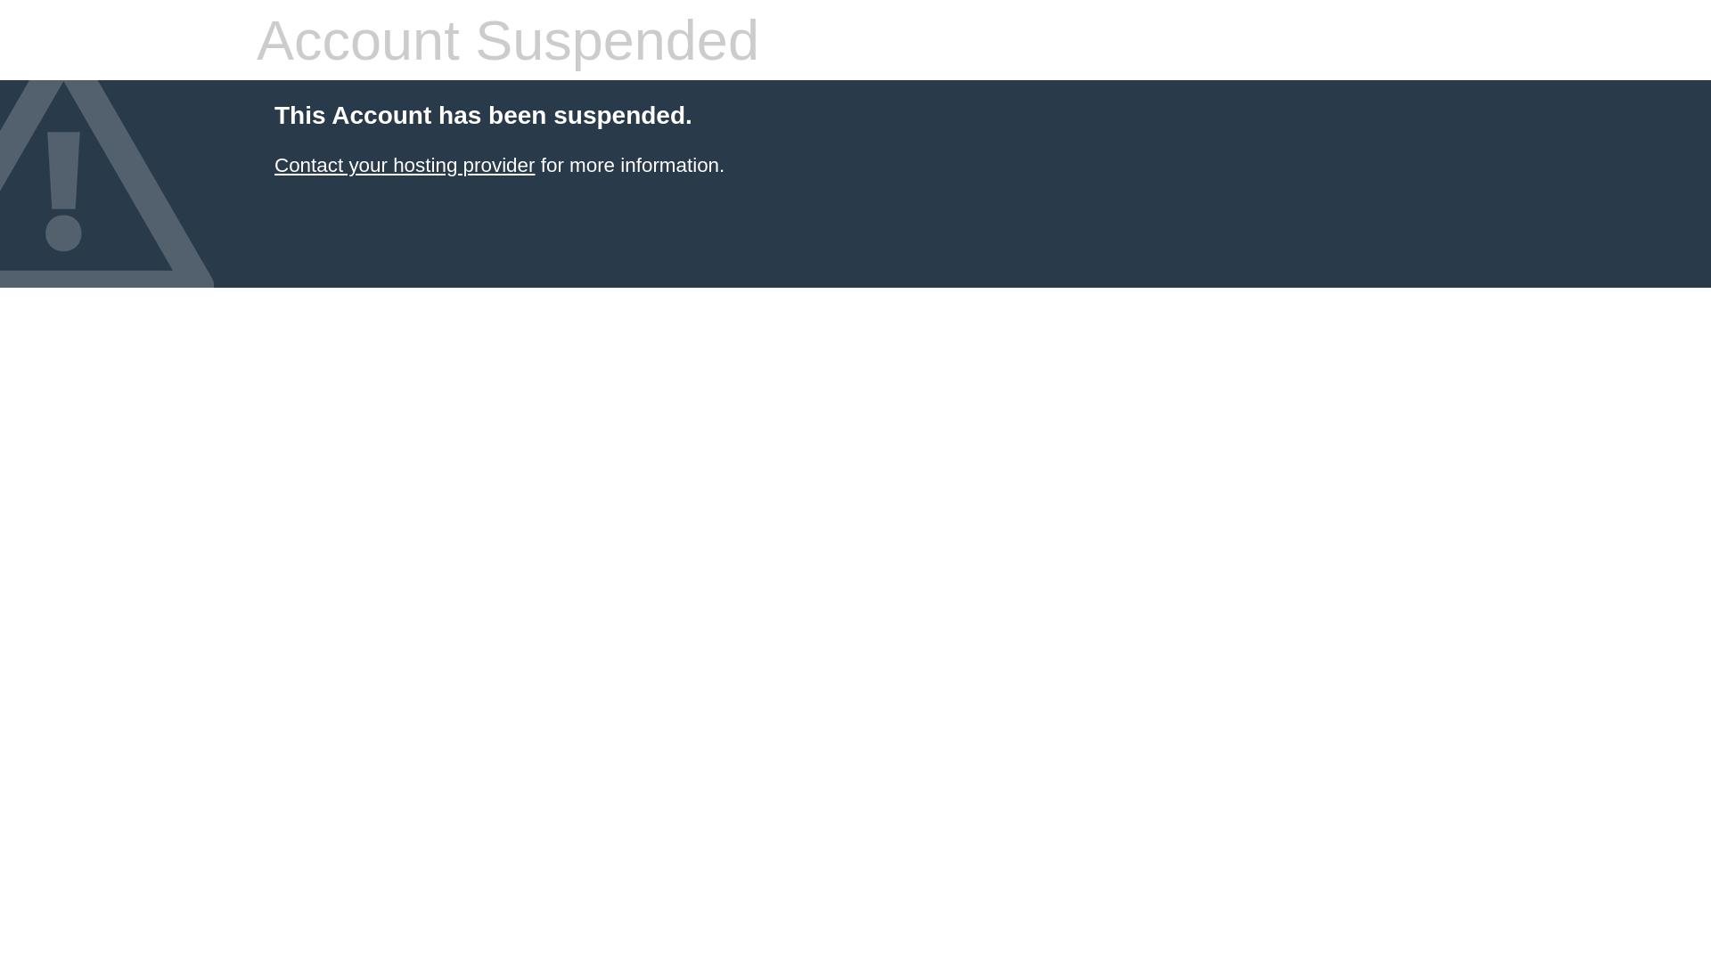 The image size is (1711, 962). Describe the element at coordinates (404, 165) in the screenshot. I see `'Contact your hosting provider'` at that location.